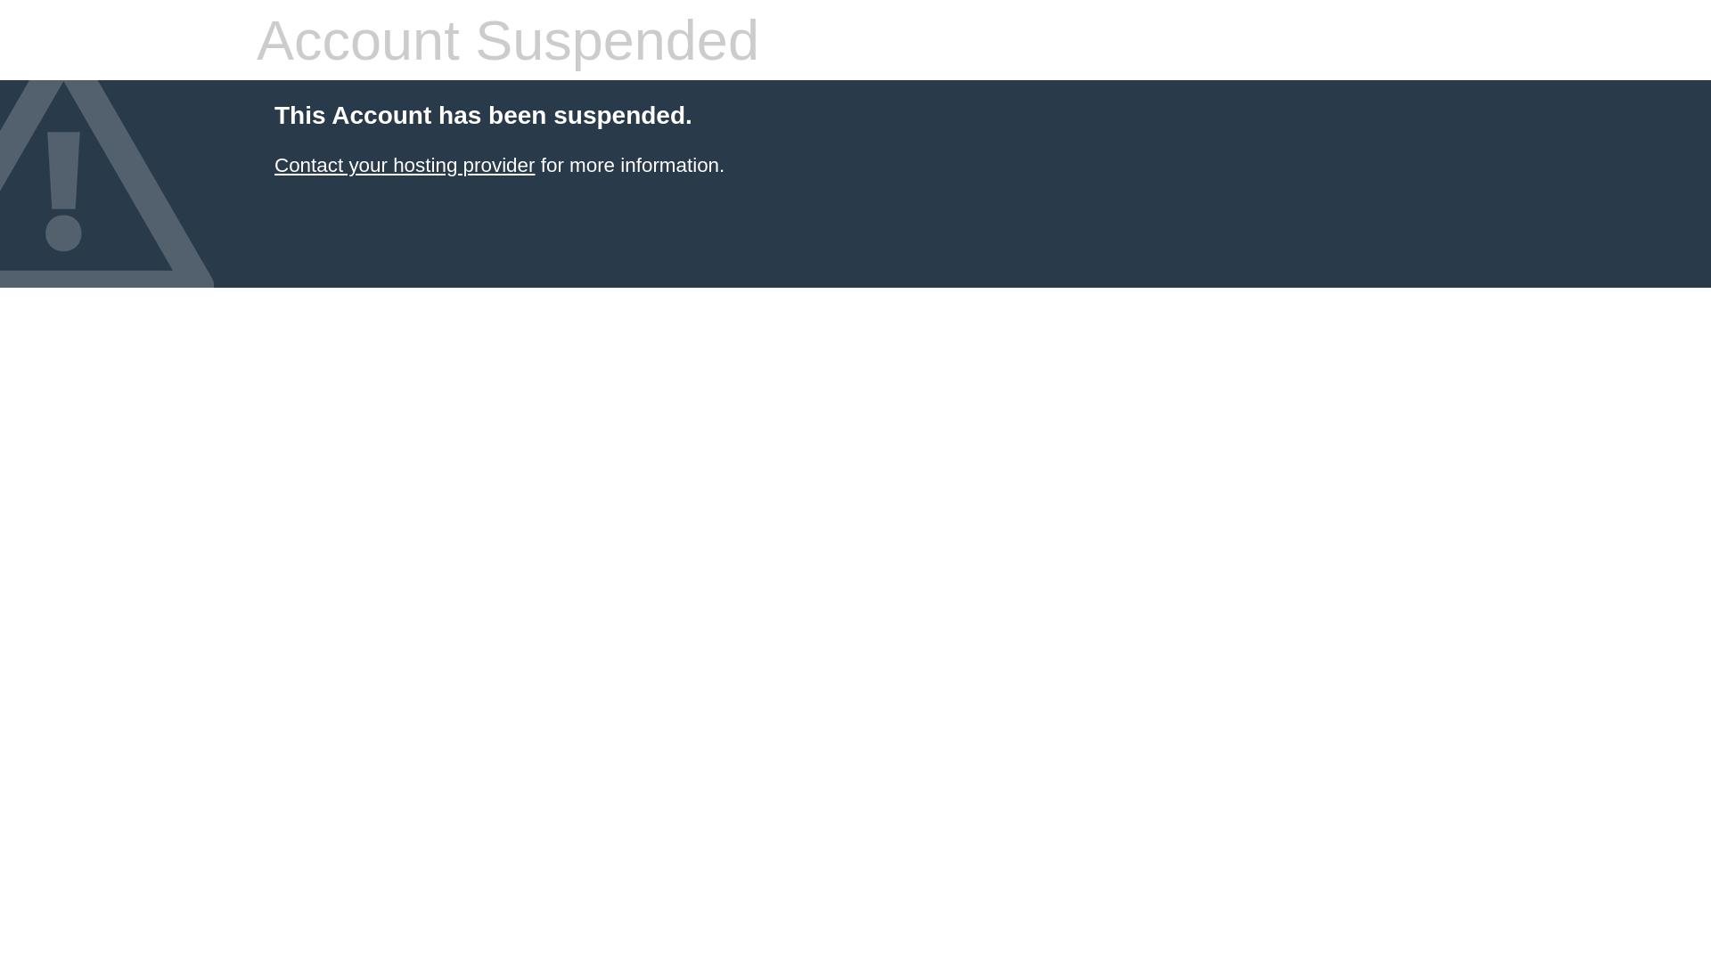 The image size is (1711, 962). Describe the element at coordinates (404, 165) in the screenshot. I see `'Contact your hosting provider'` at that location.